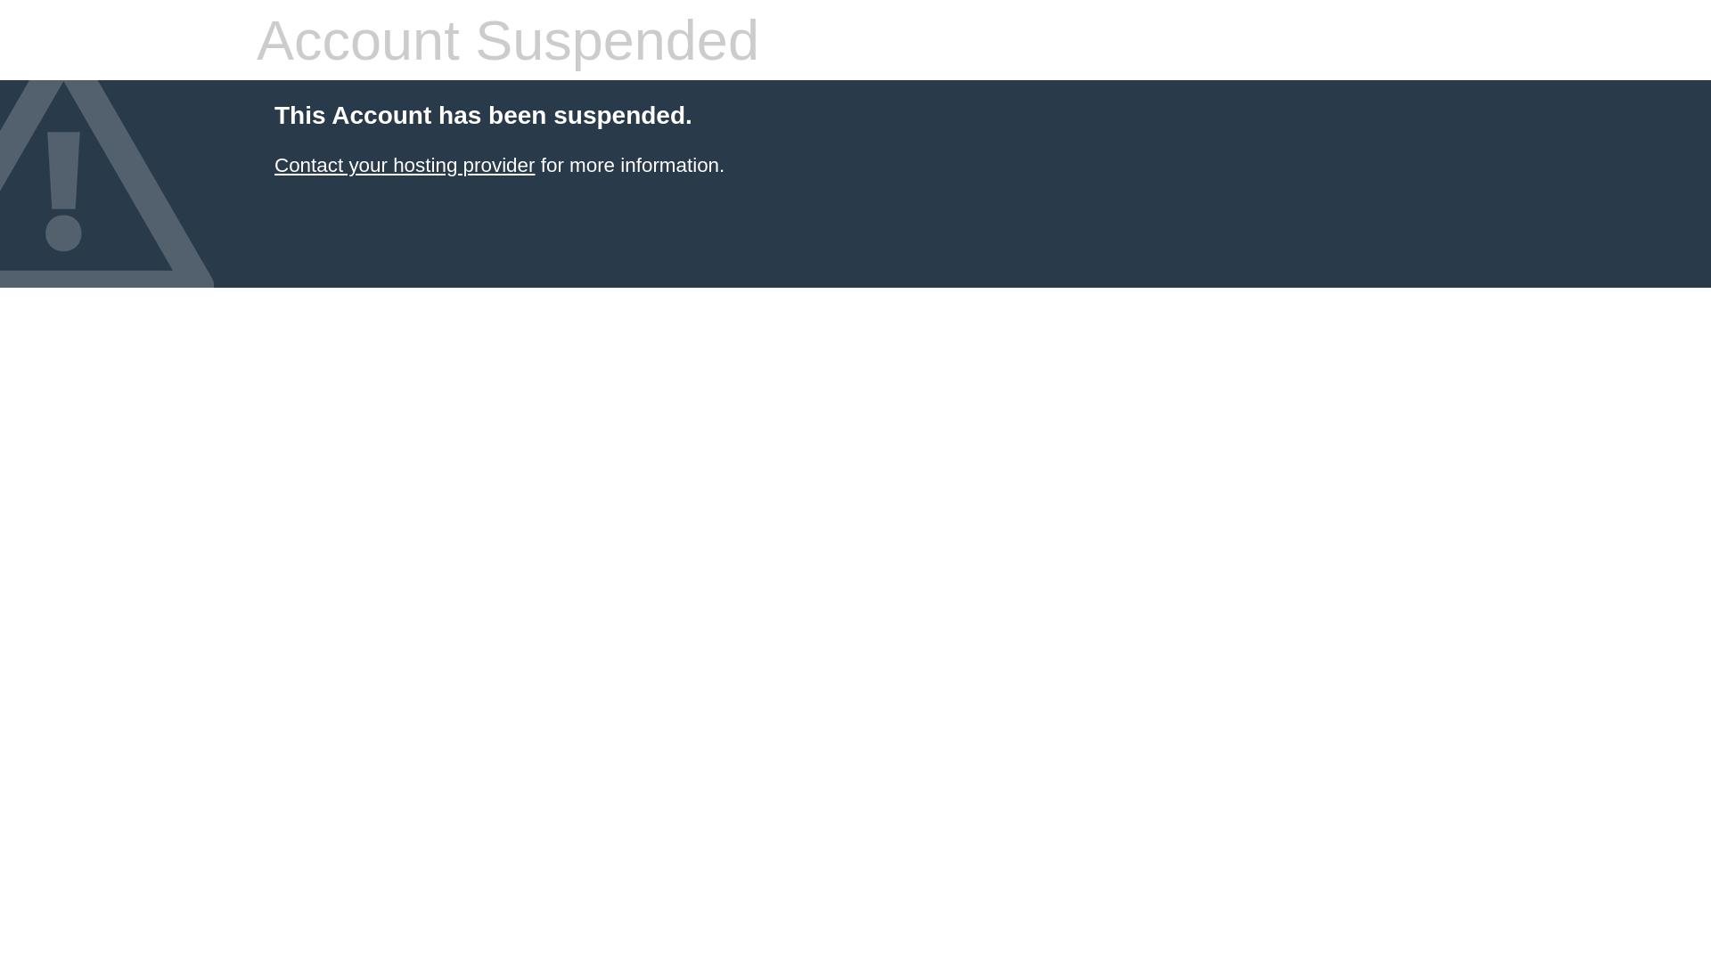 The image size is (1711, 962). Describe the element at coordinates (404, 165) in the screenshot. I see `'Contact your hosting provider'` at that location.